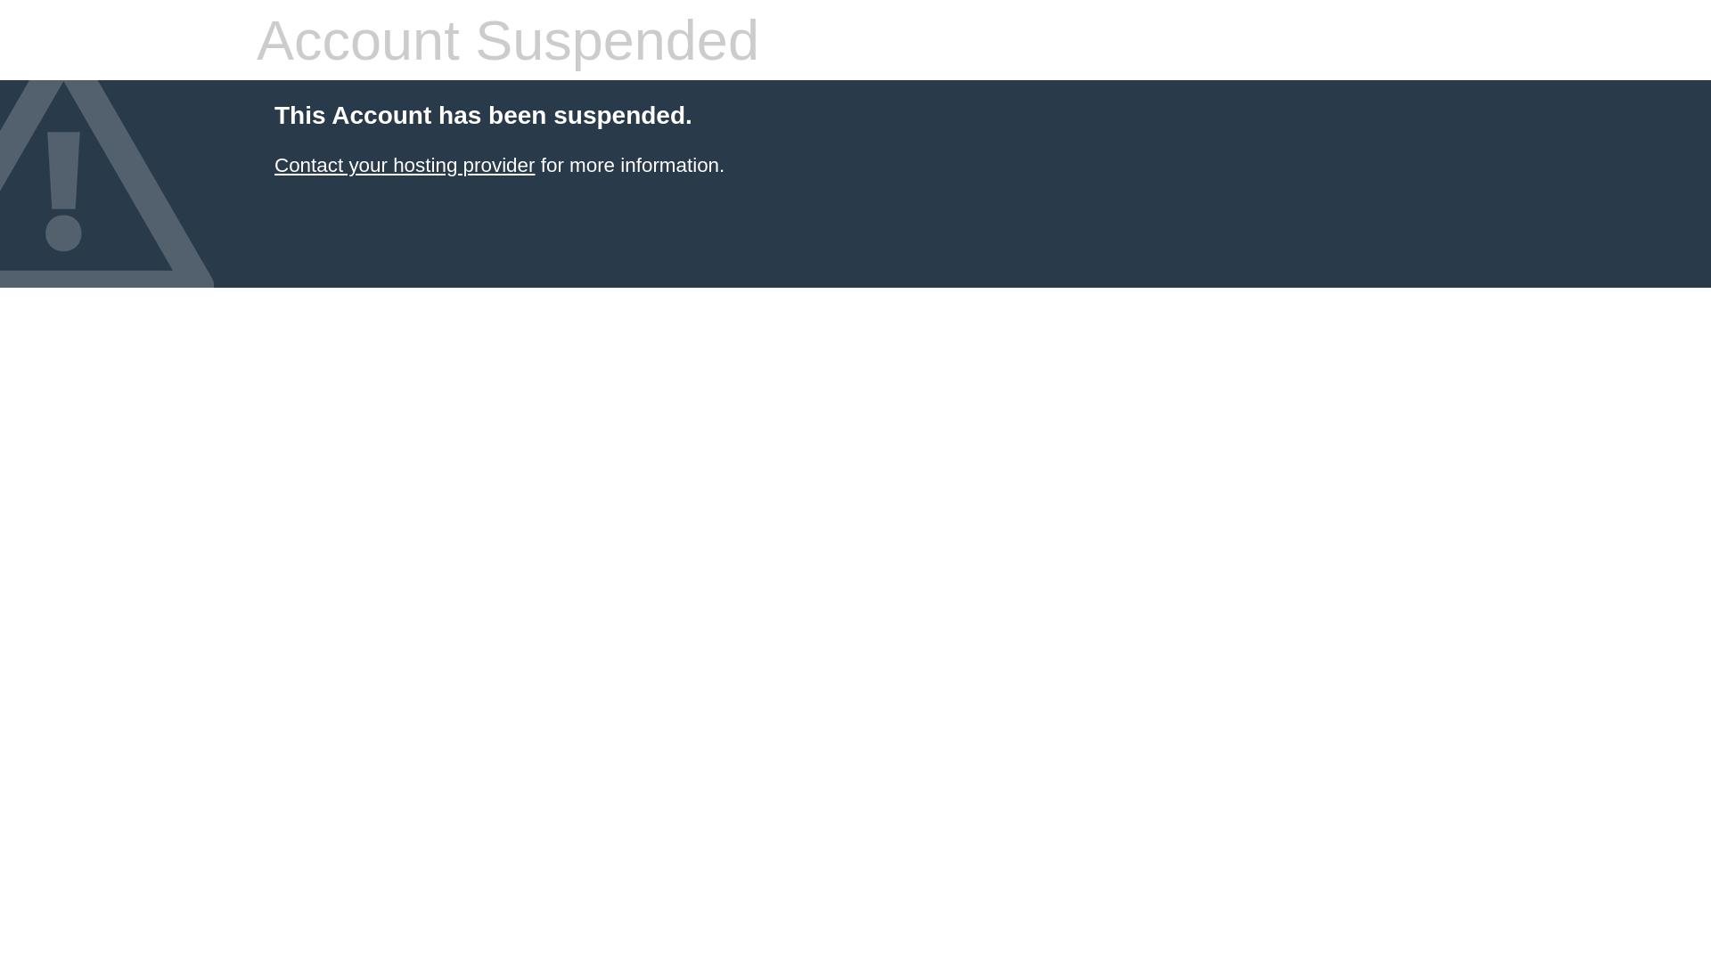 The image size is (1711, 962). Describe the element at coordinates (404, 165) in the screenshot. I see `'Contact your hosting provider'` at that location.